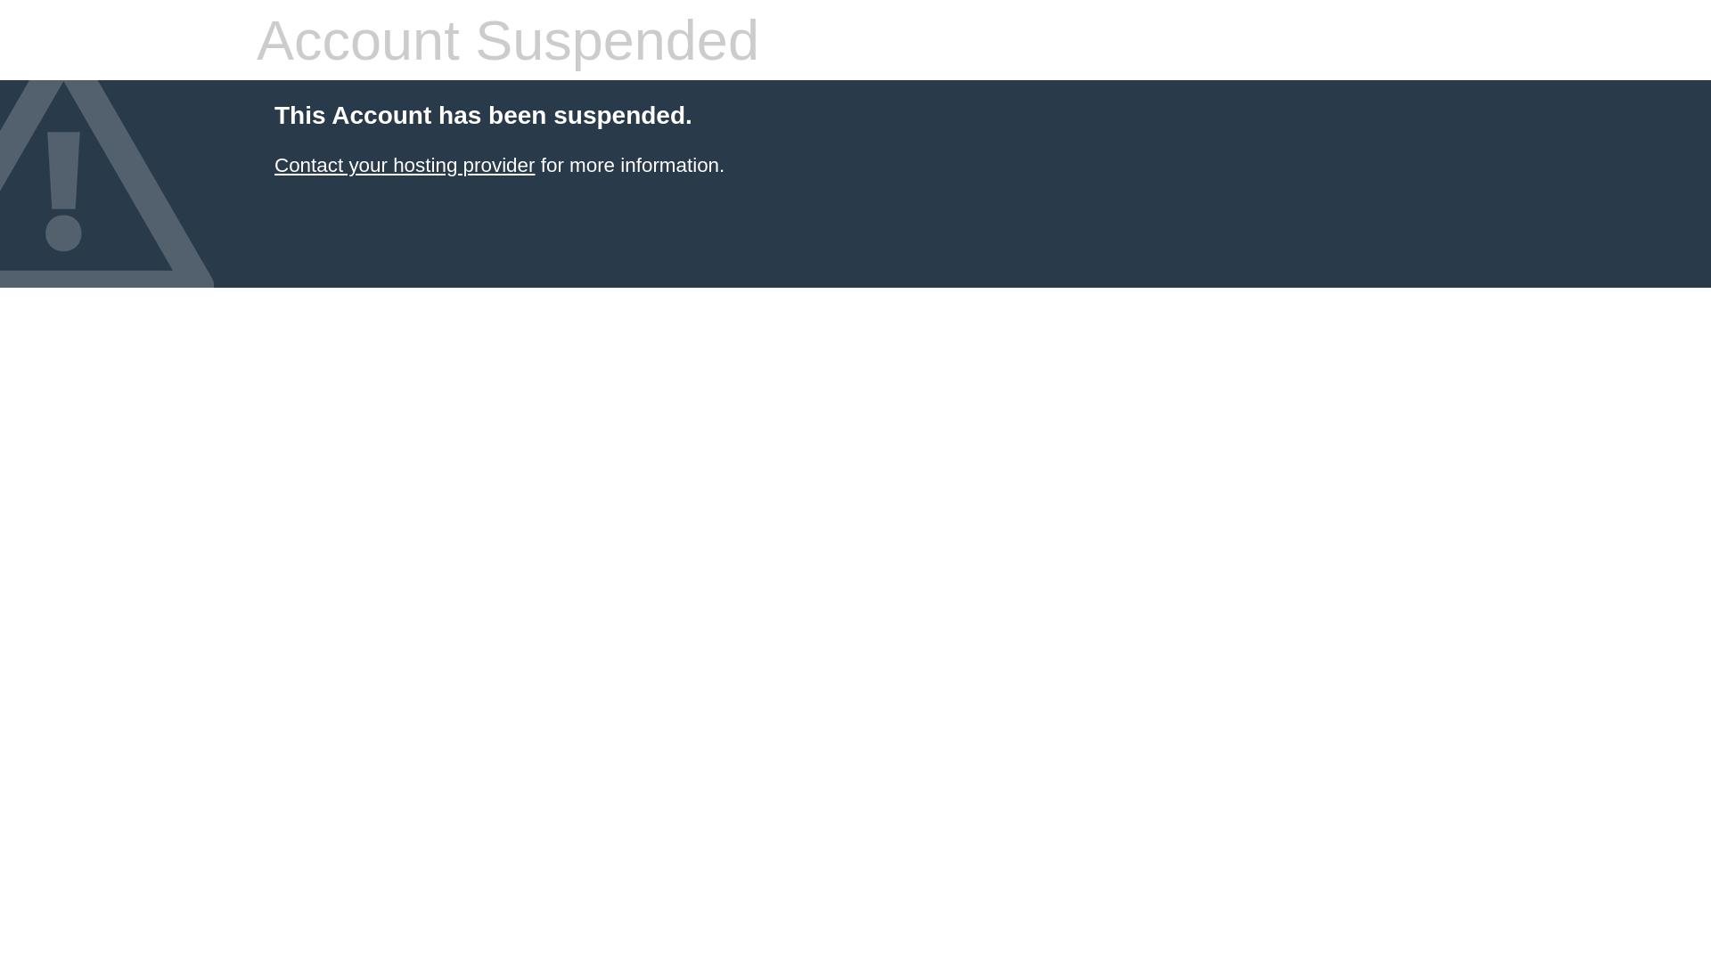 The image size is (1711, 962). Describe the element at coordinates (404, 165) in the screenshot. I see `'Contact your hosting provider'` at that location.